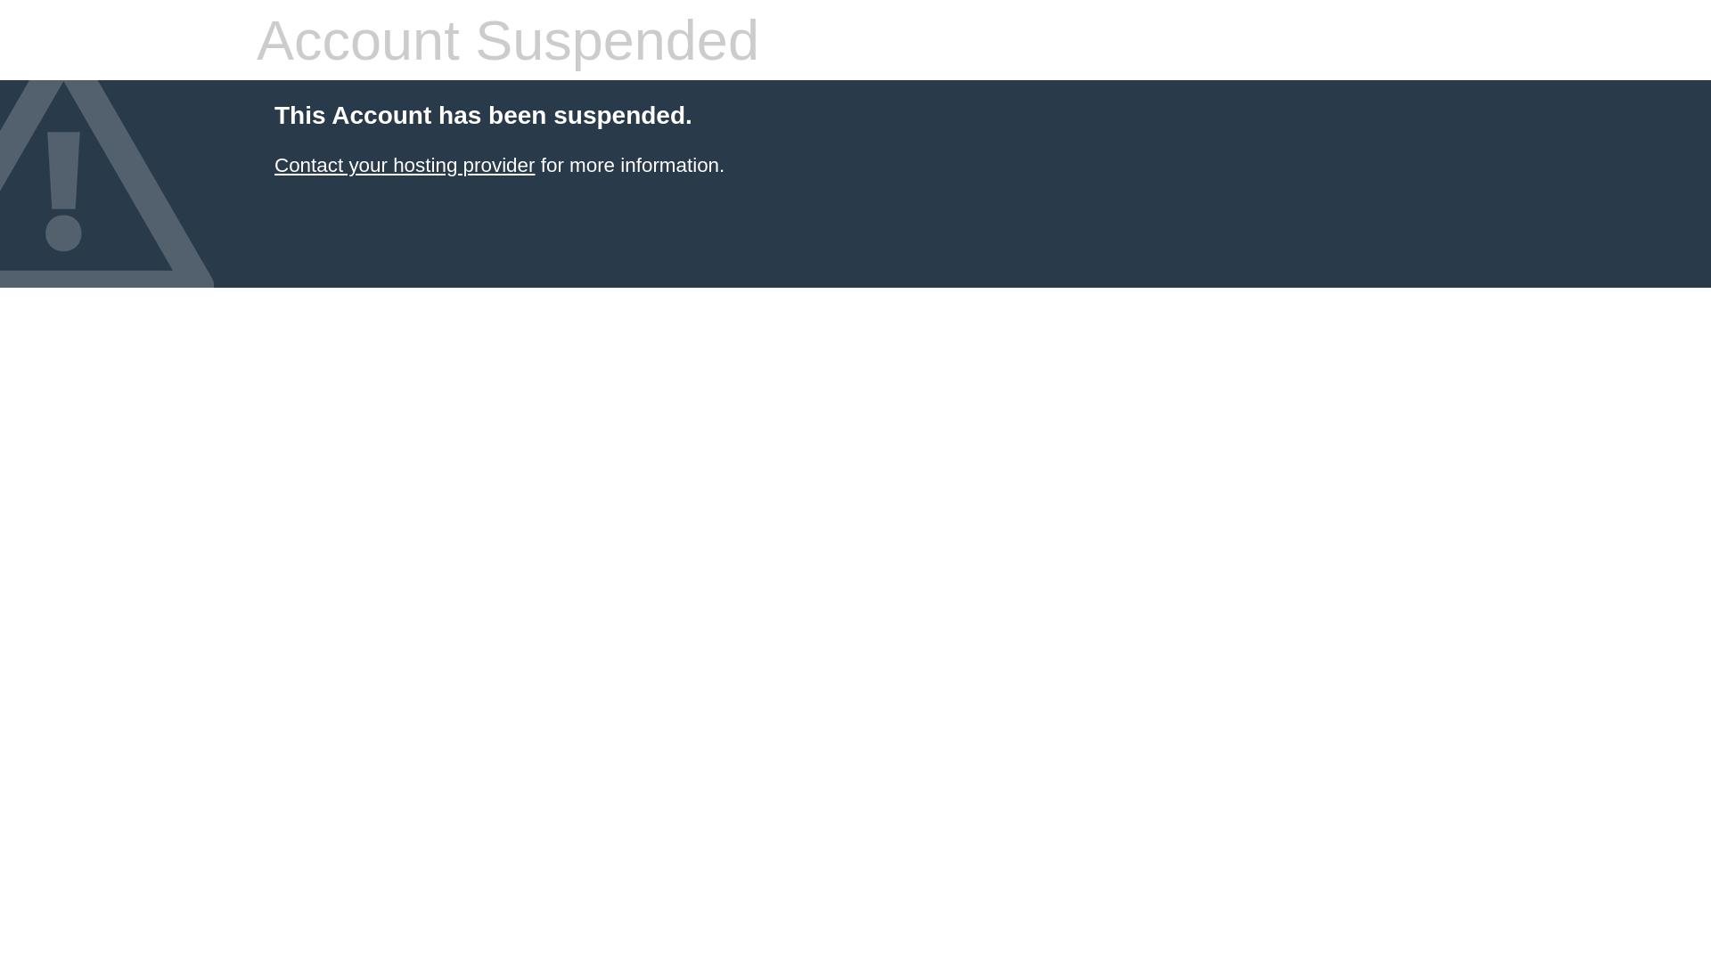 The image size is (1711, 962). Describe the element at coordinates (404, 165) in the screenshot. I see `'Contact your hosting provider'` at that location.